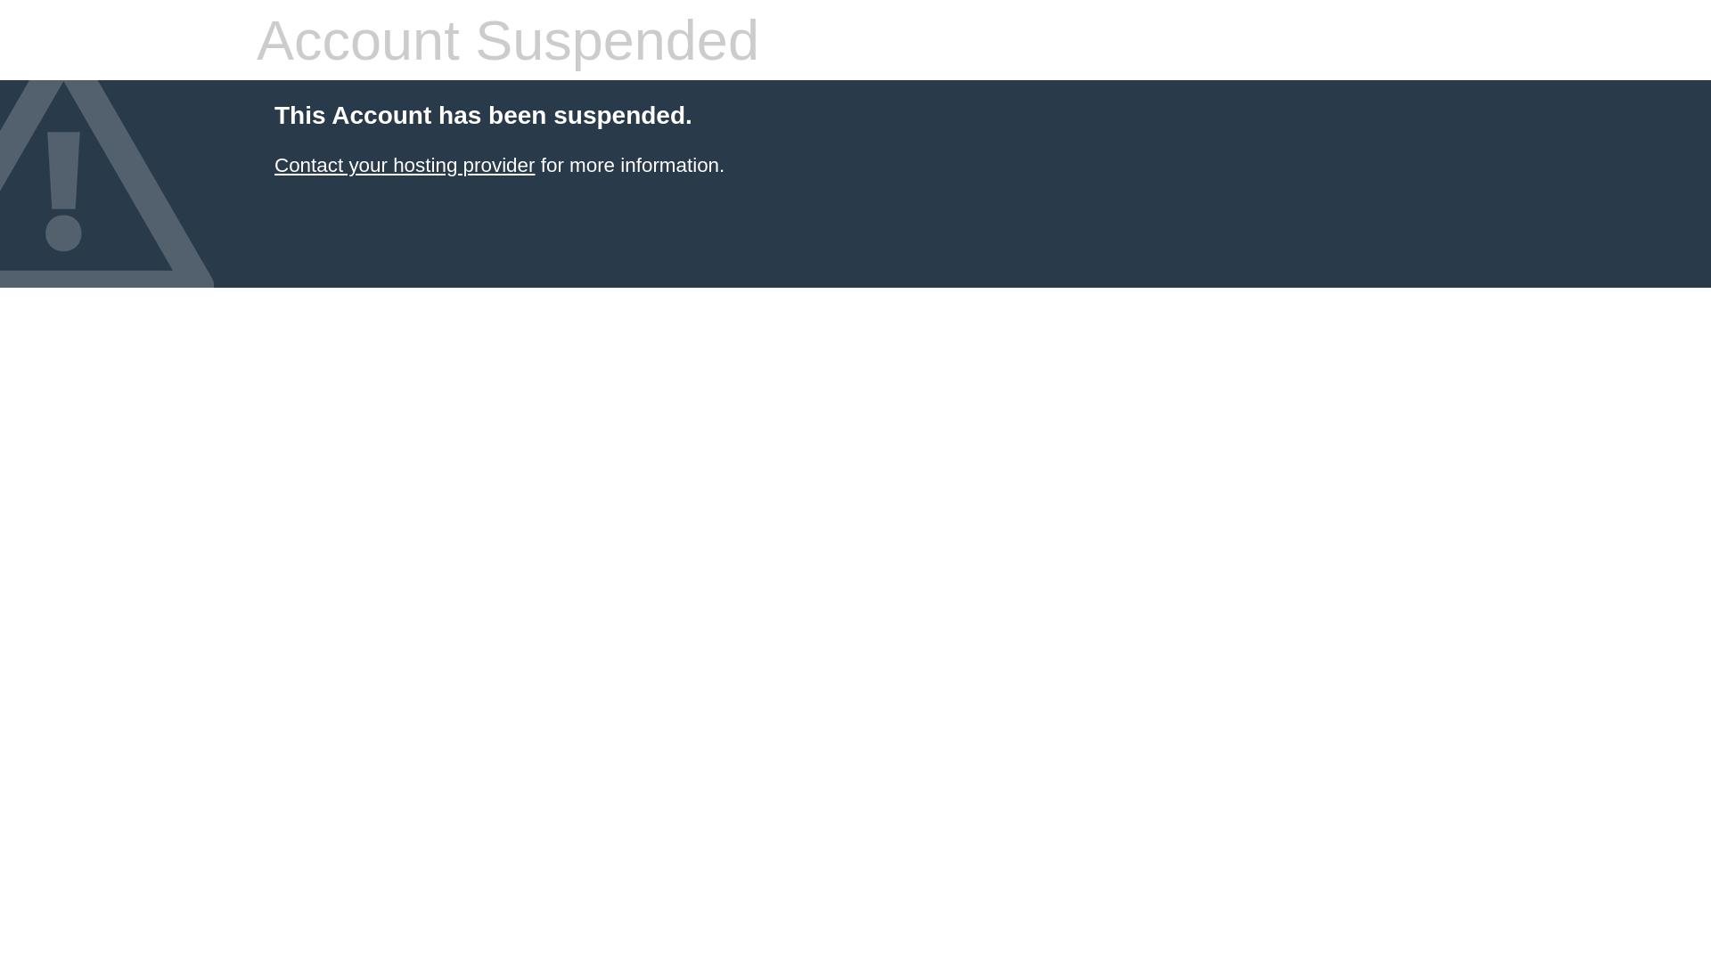 The image size is (1711, 962). Describe the element at coordinates (404, 165) in the screenshot. I see `'Contact your hosting provider'` at that location.